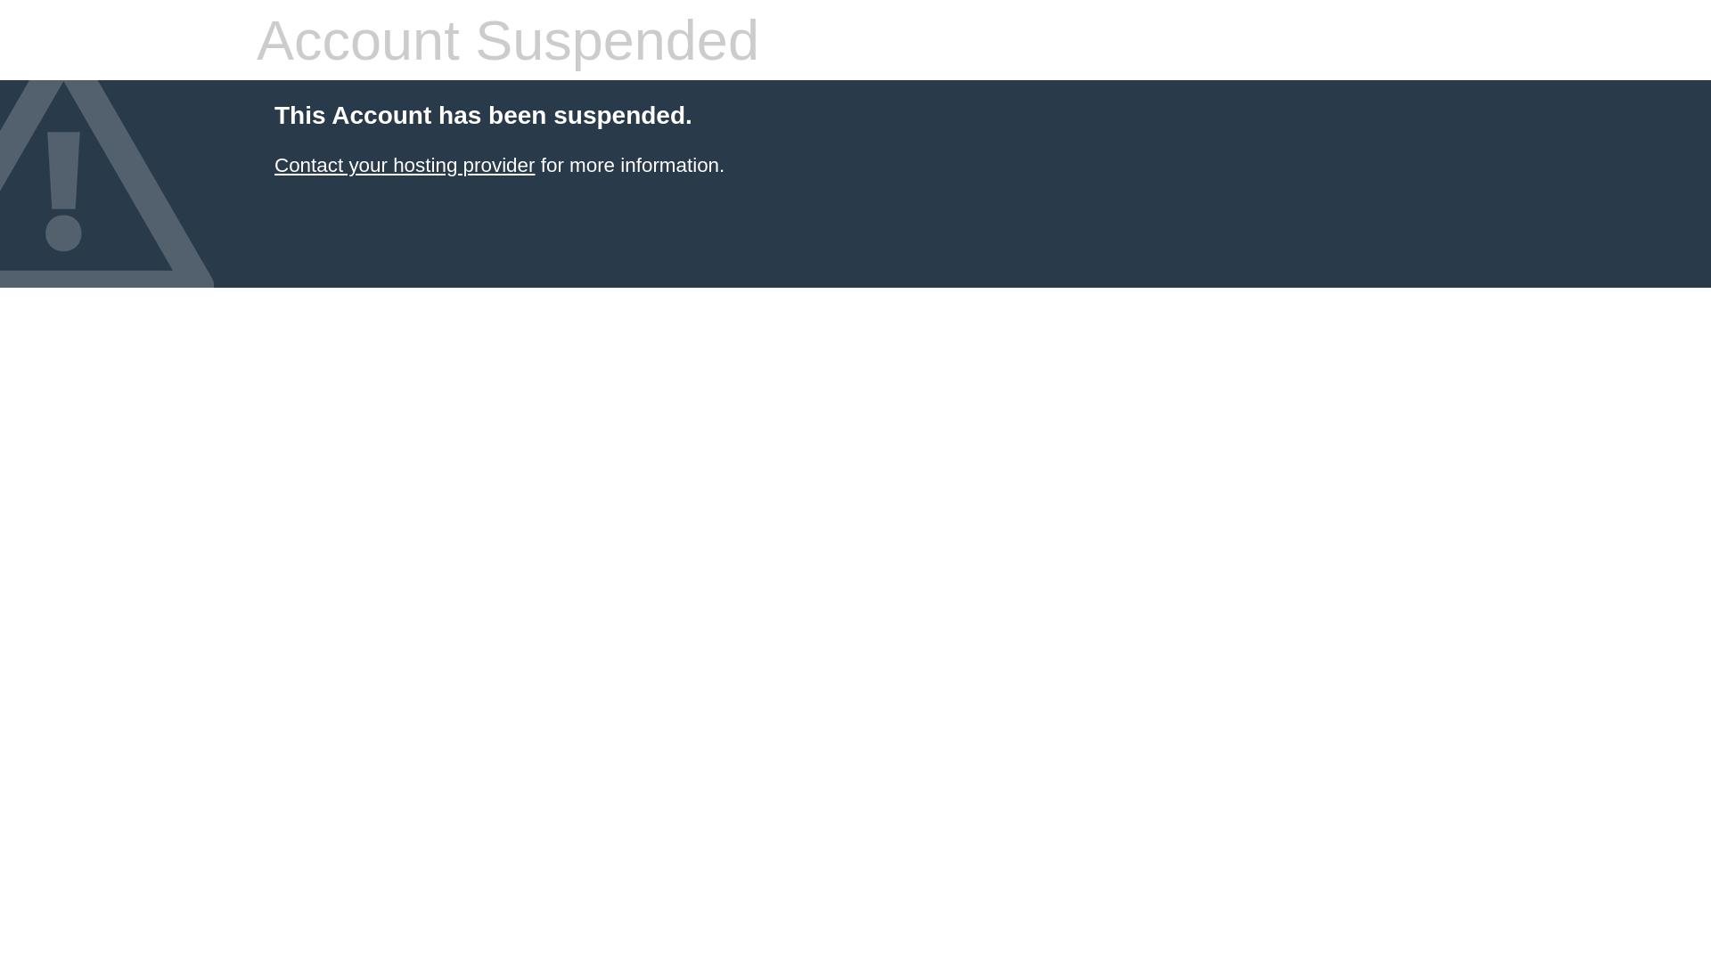 The image size is (1711, 962). Describe the element at coordinates (404, 165) in the screenshot. I see `'Contact your hosting provider'` at that location.